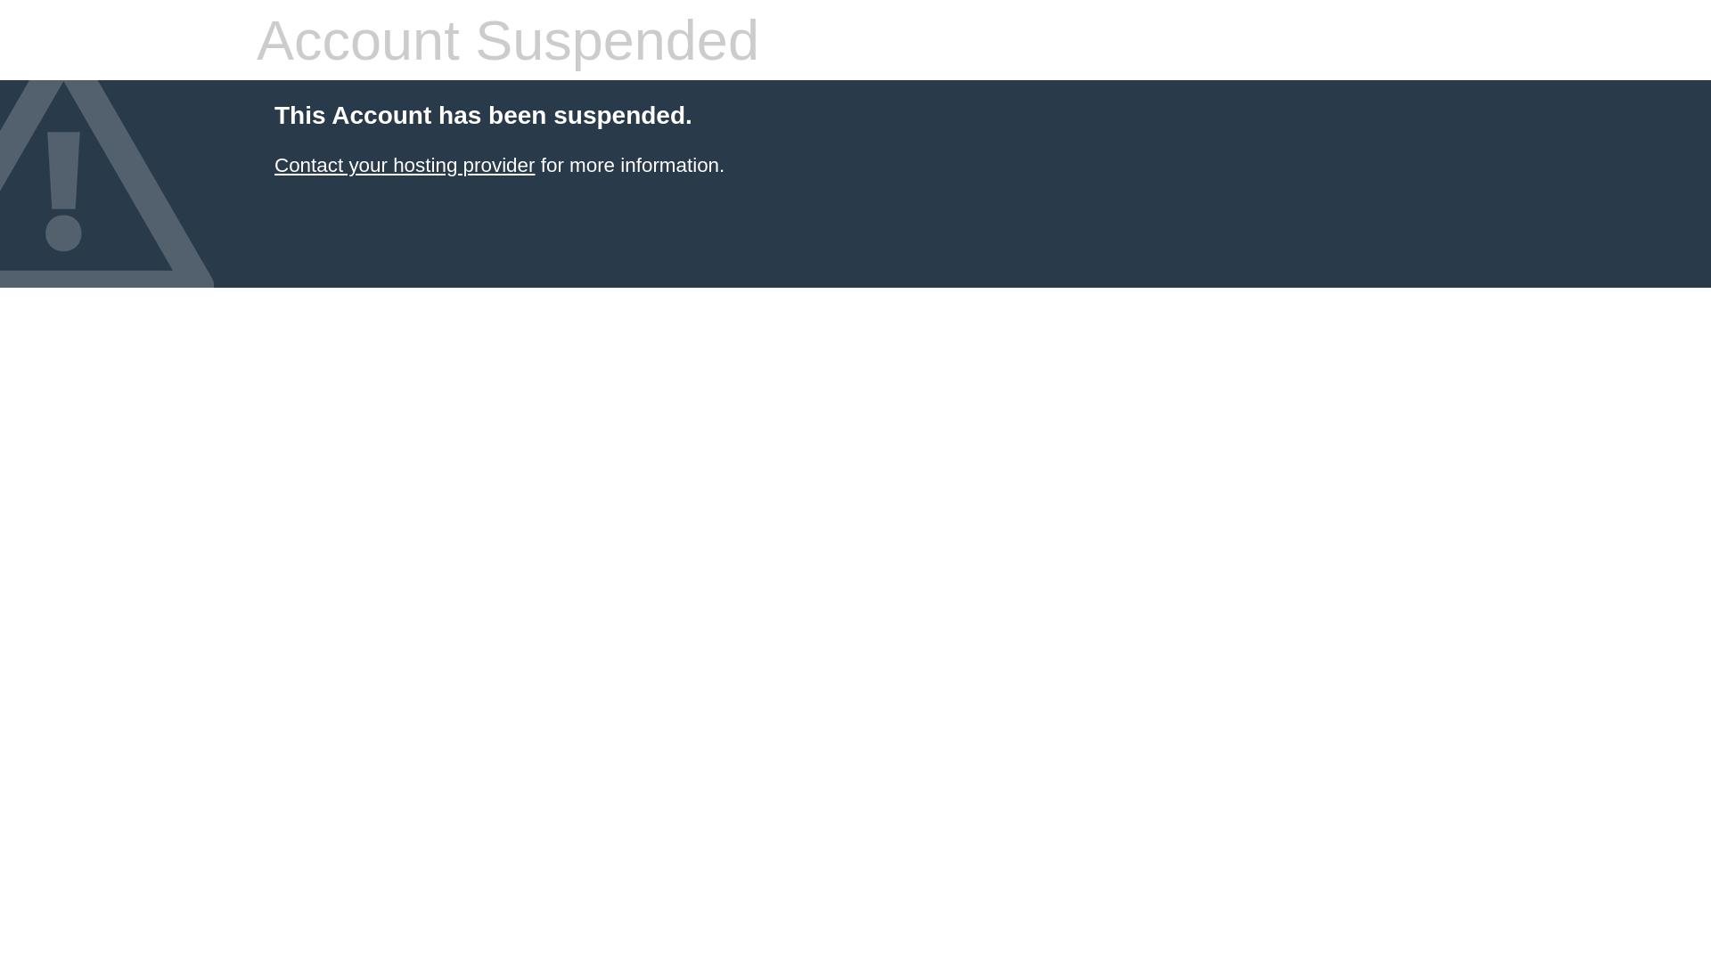 The image size is (1711, 962). Describe the element at coordinates (404, 165) in the screenshot. I see `'Contact your hosting provider'` at that location.